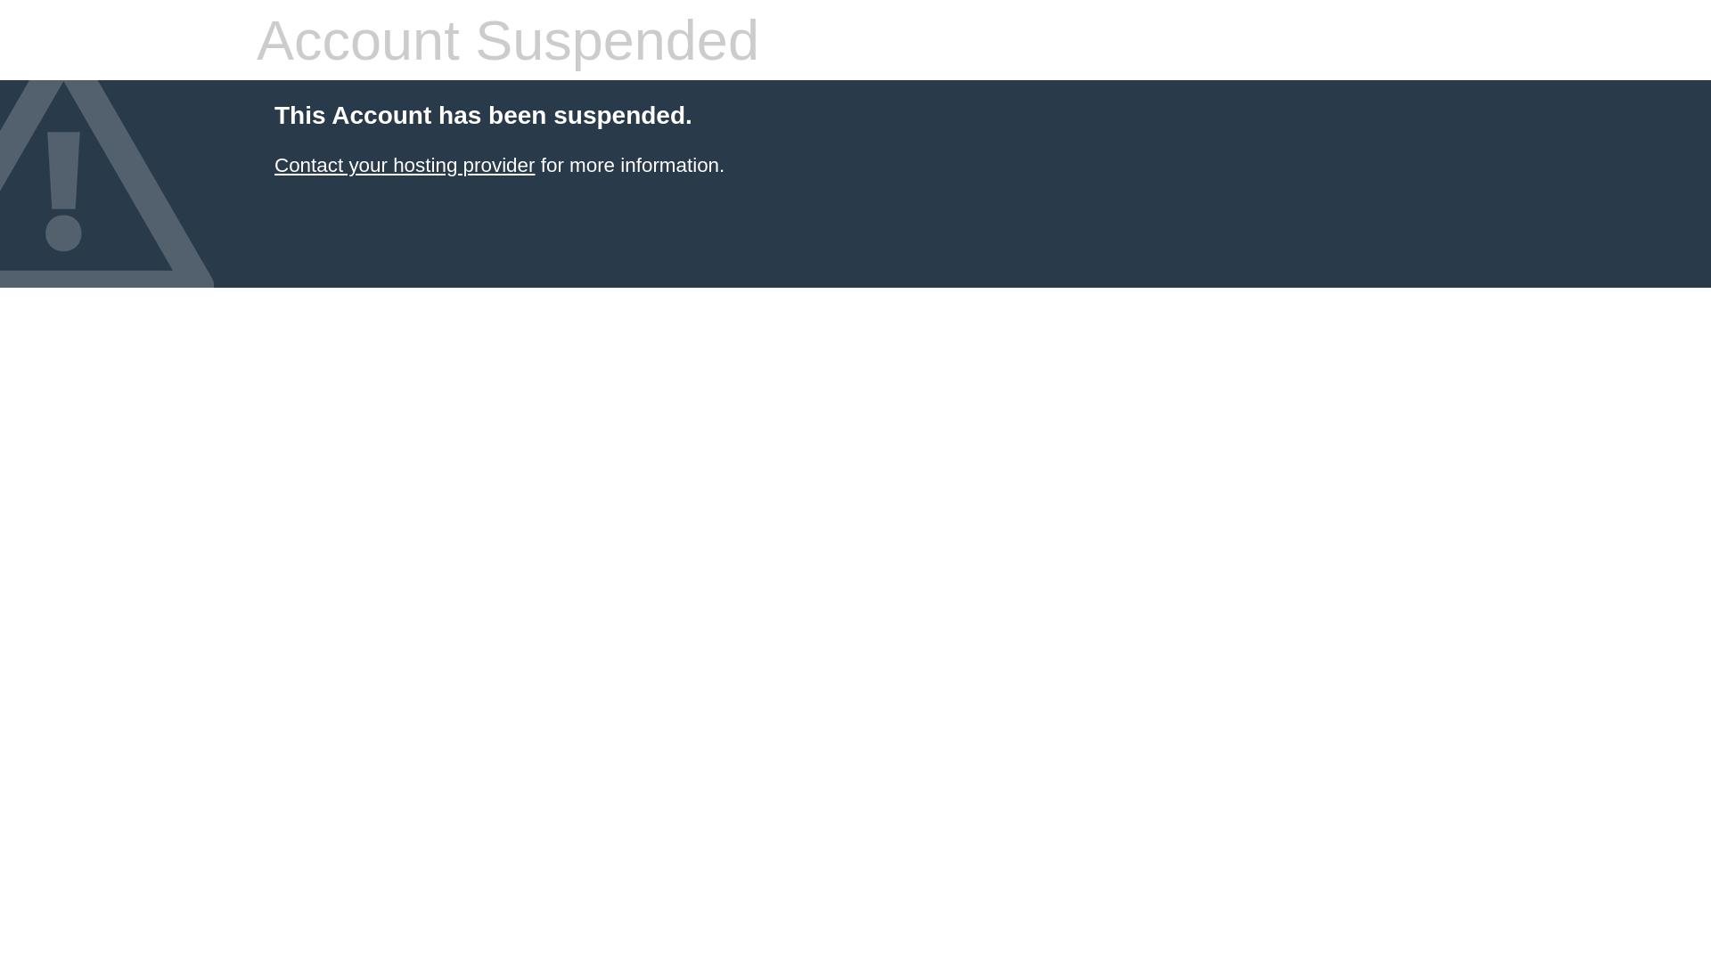 The image size is (1711, 962). Describe the element at coordinates (404, 165) in the screenshot. I see `'Contact your hosting provider'` at that location.